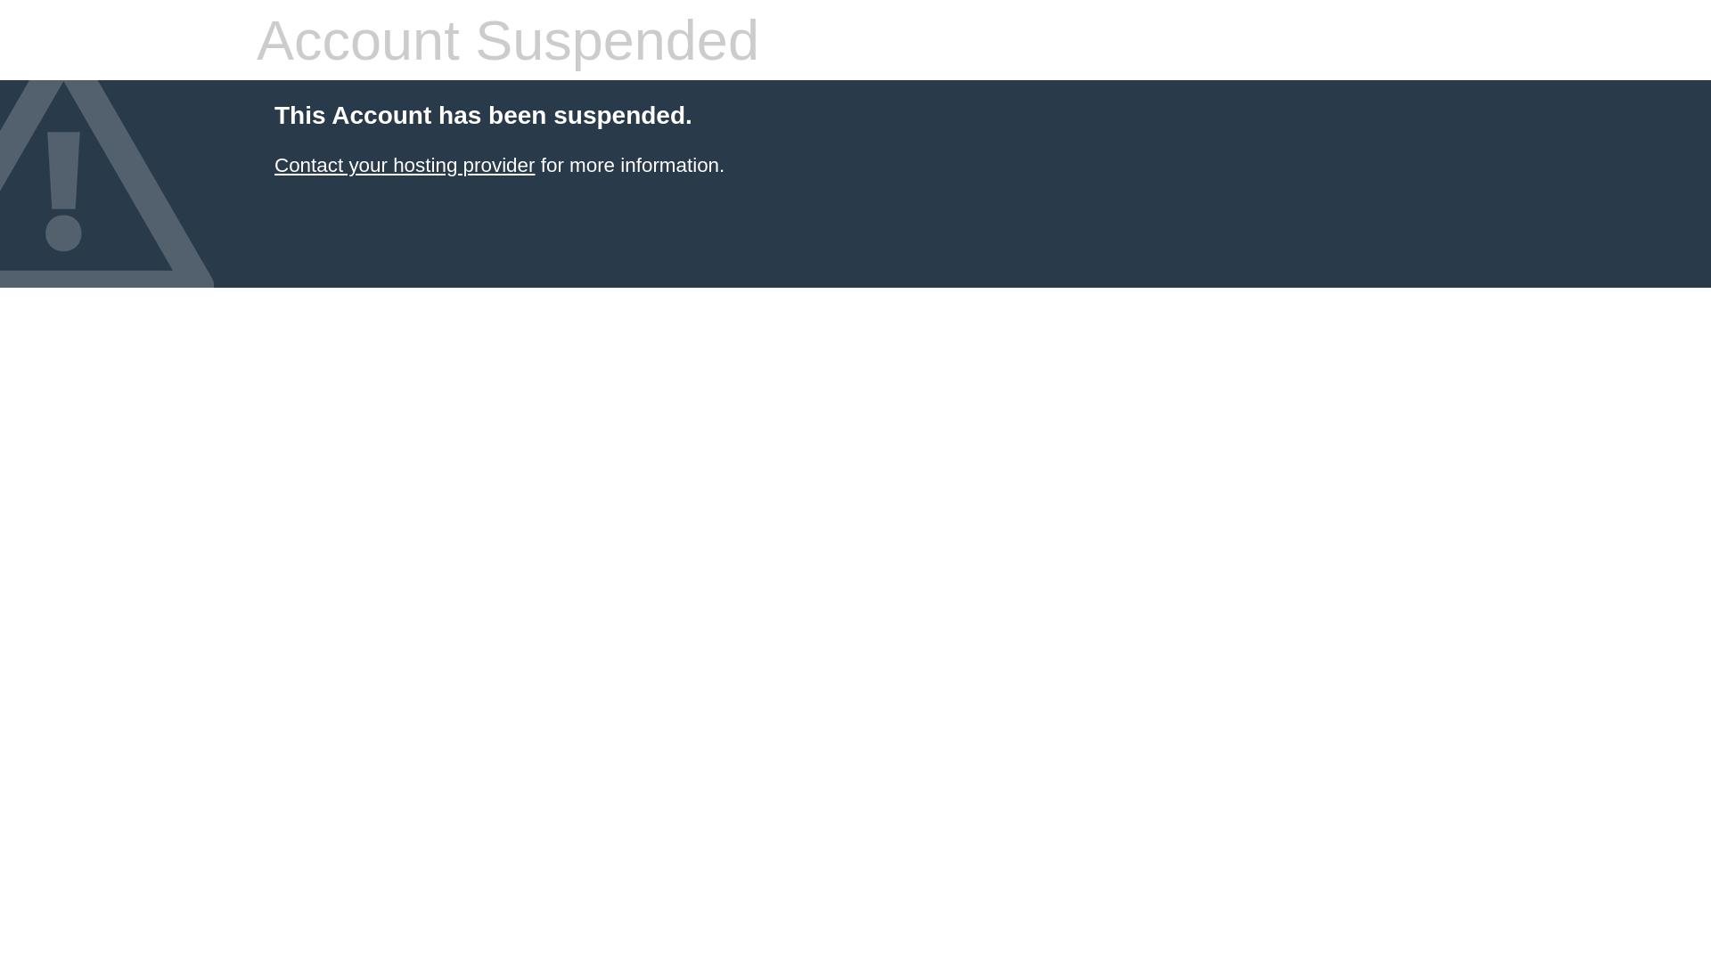 The image size is (1711, 962). Describe the element at coordinates (404, 165) in the screenshot. I see `'Contact your hosting provider'` at that location.